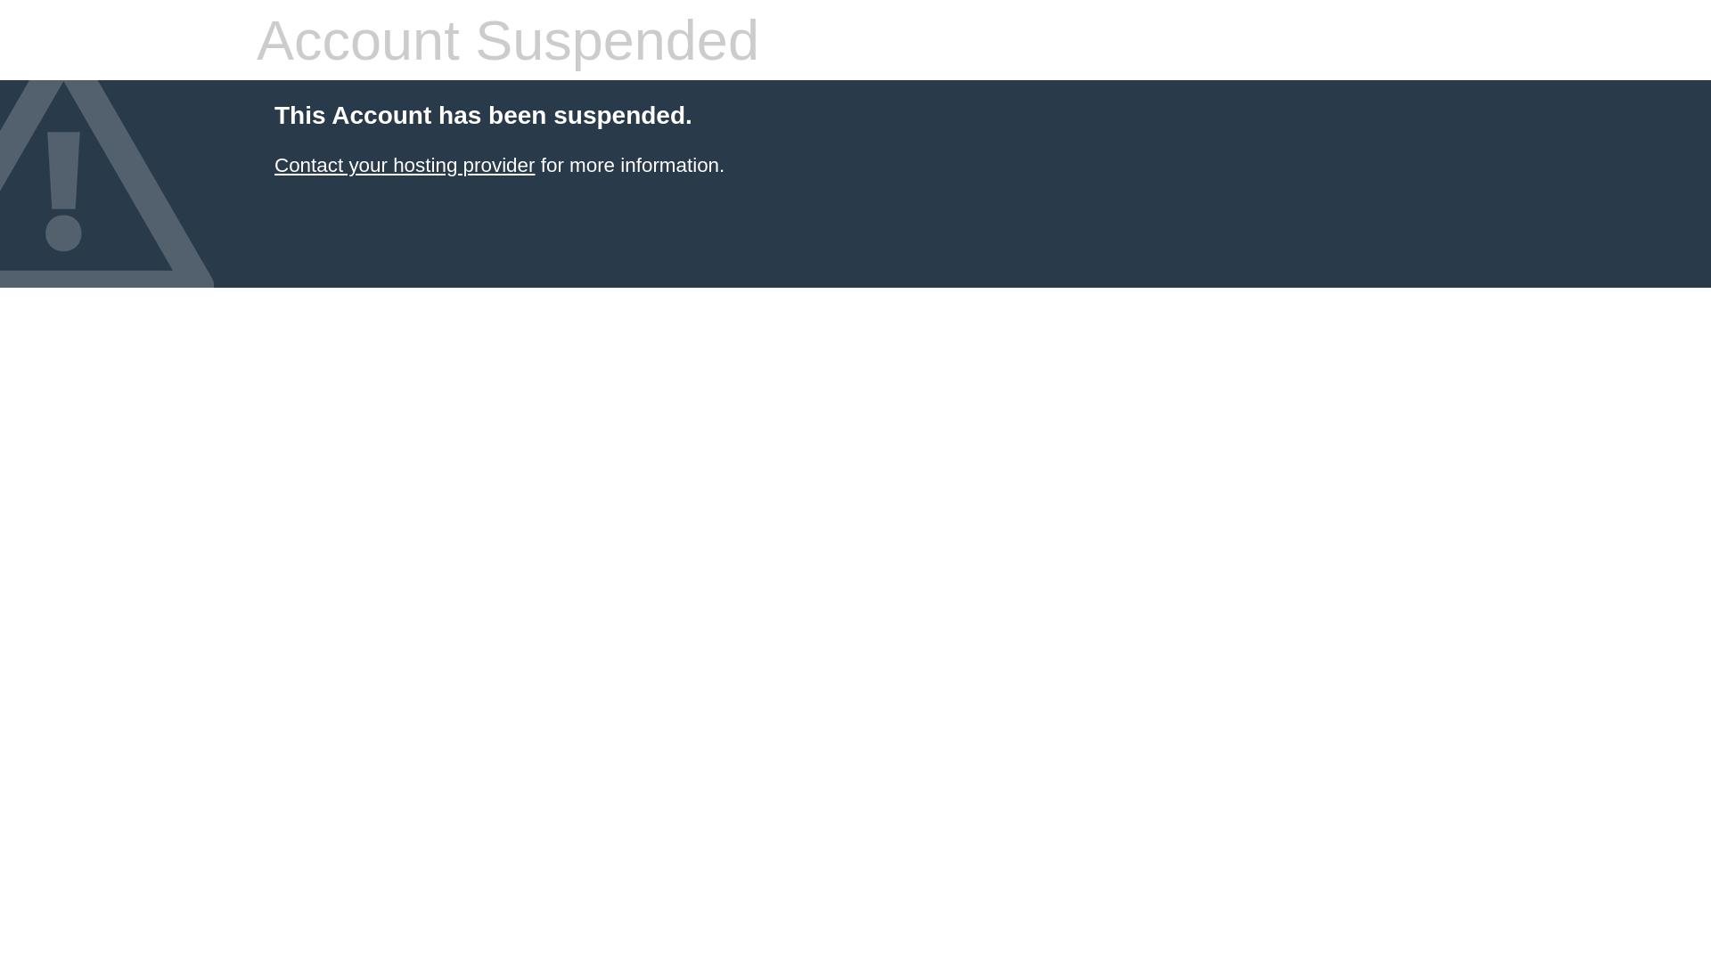 The image size is (1711, 962). Describe the element at coordinates (404, 165) in the screenshot. I see `'Contact your hosting provider'` at that location.